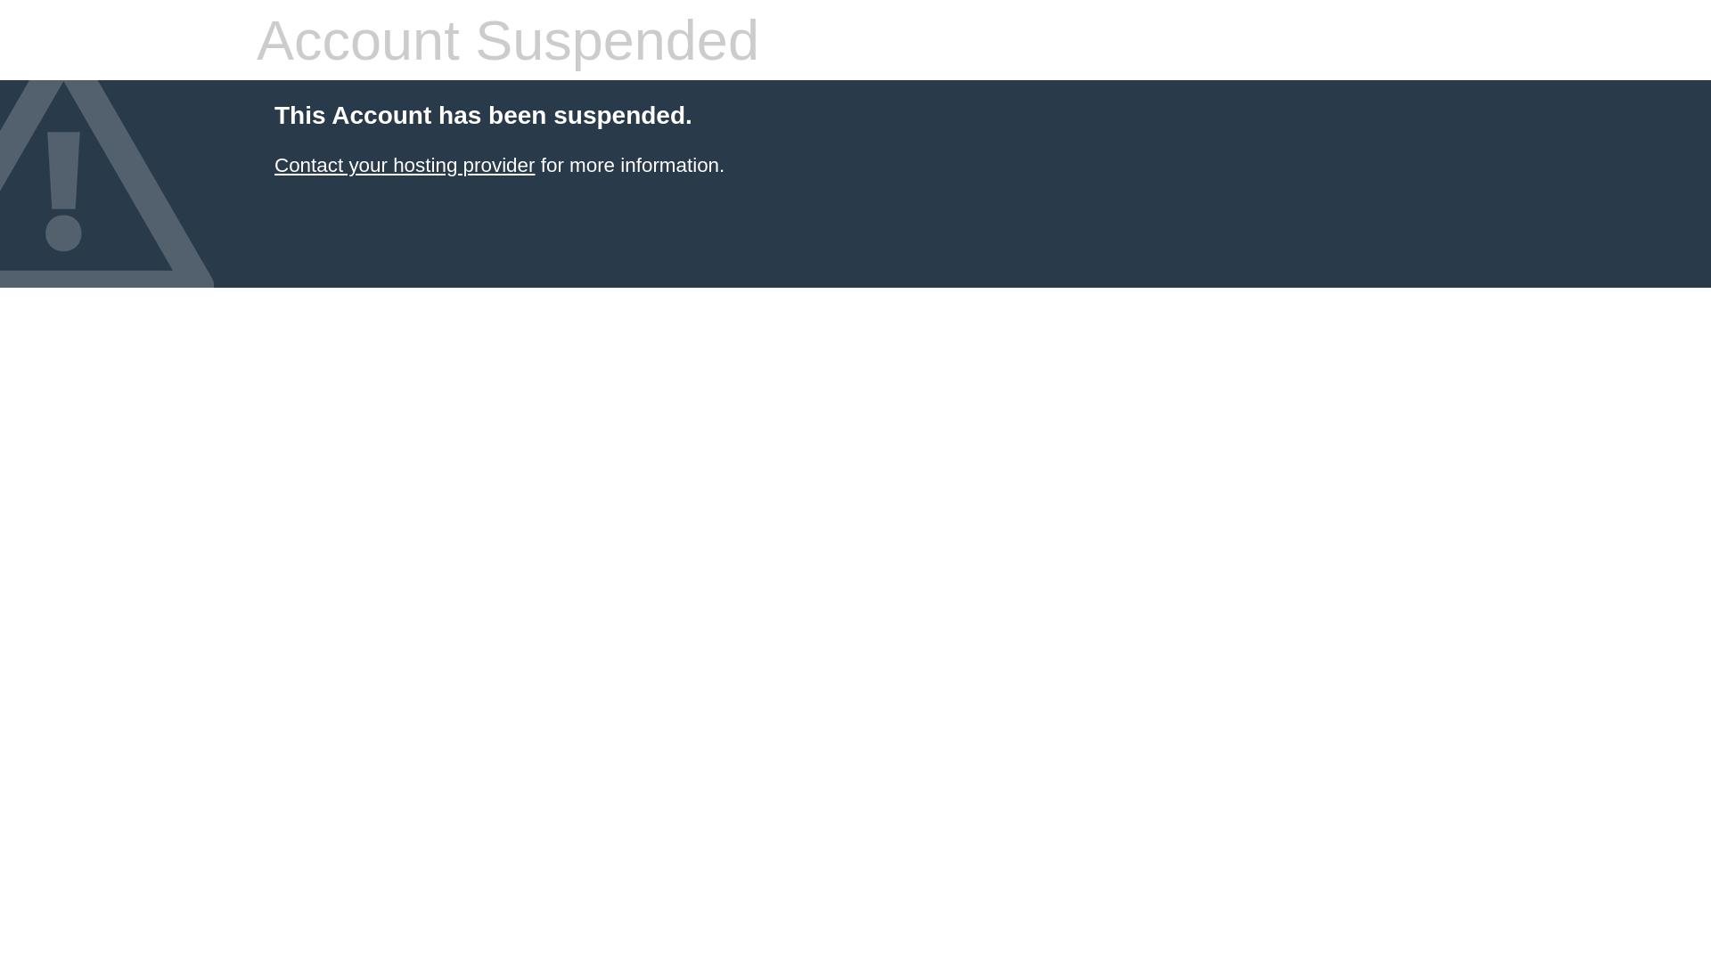 The image size is (1711, 962). Describe the element at coordinates (404, 165) in the screenshot. I see `'Contact your hosting provider'` at that location.